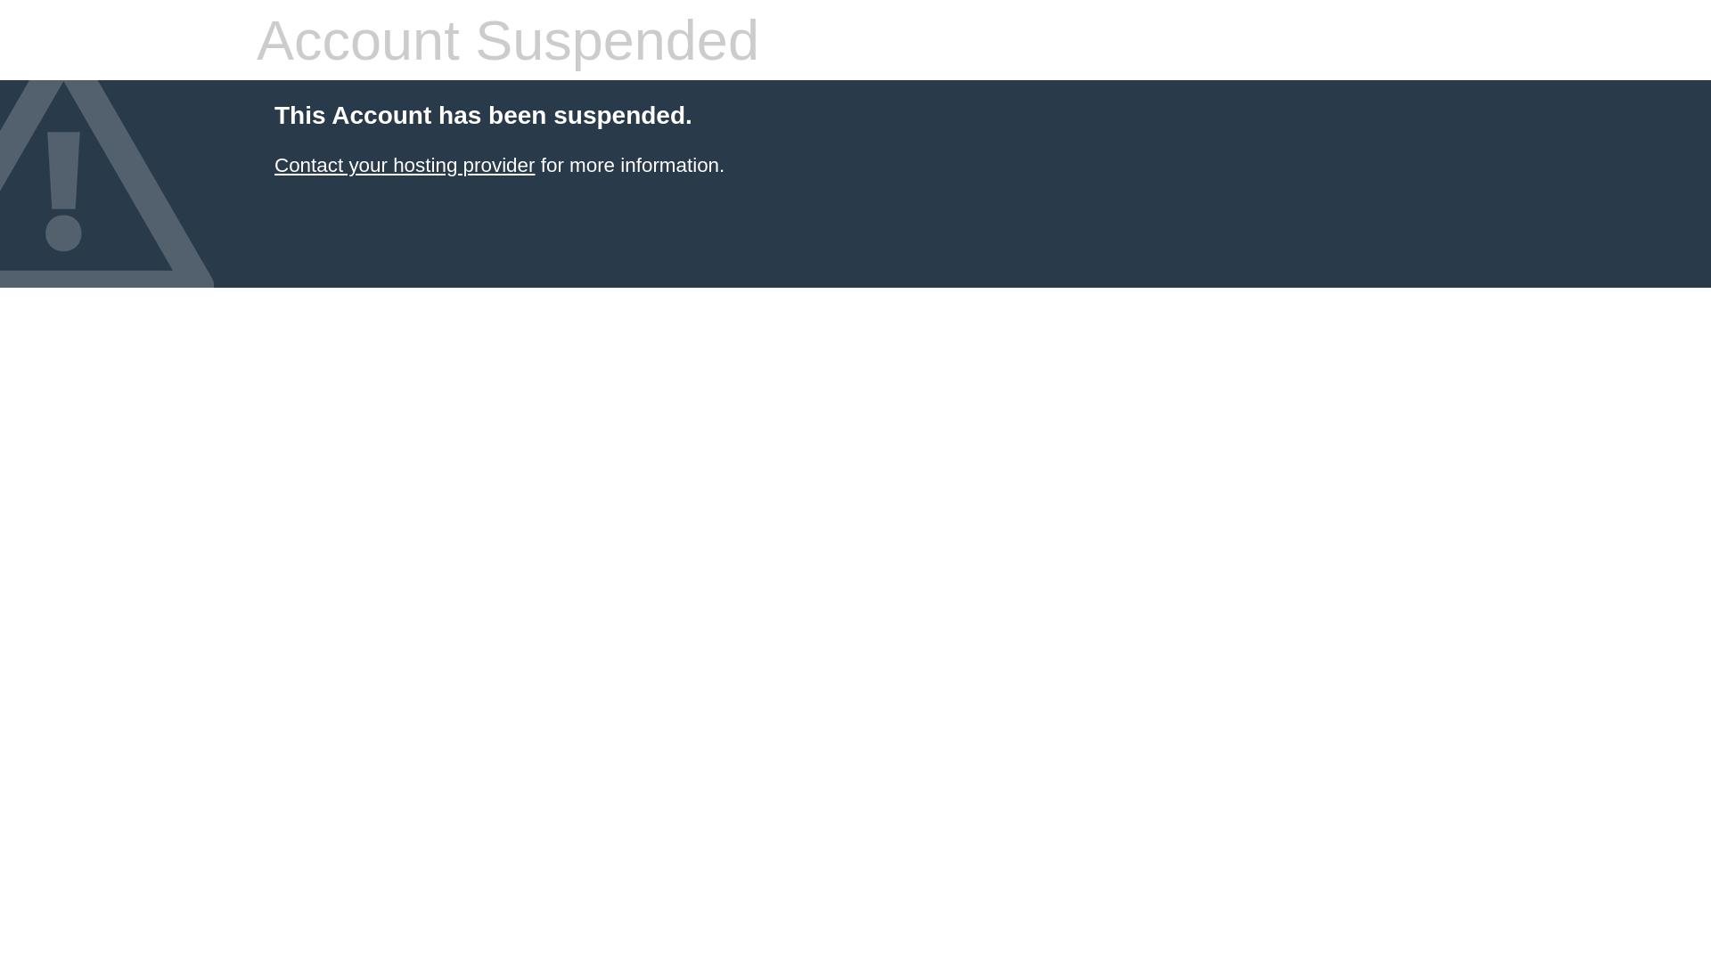 The image size is (1711, 962). Describe the element at coordinates (404, 165) in the screenshot. I see `'Contact your hosting provider'` at that location.